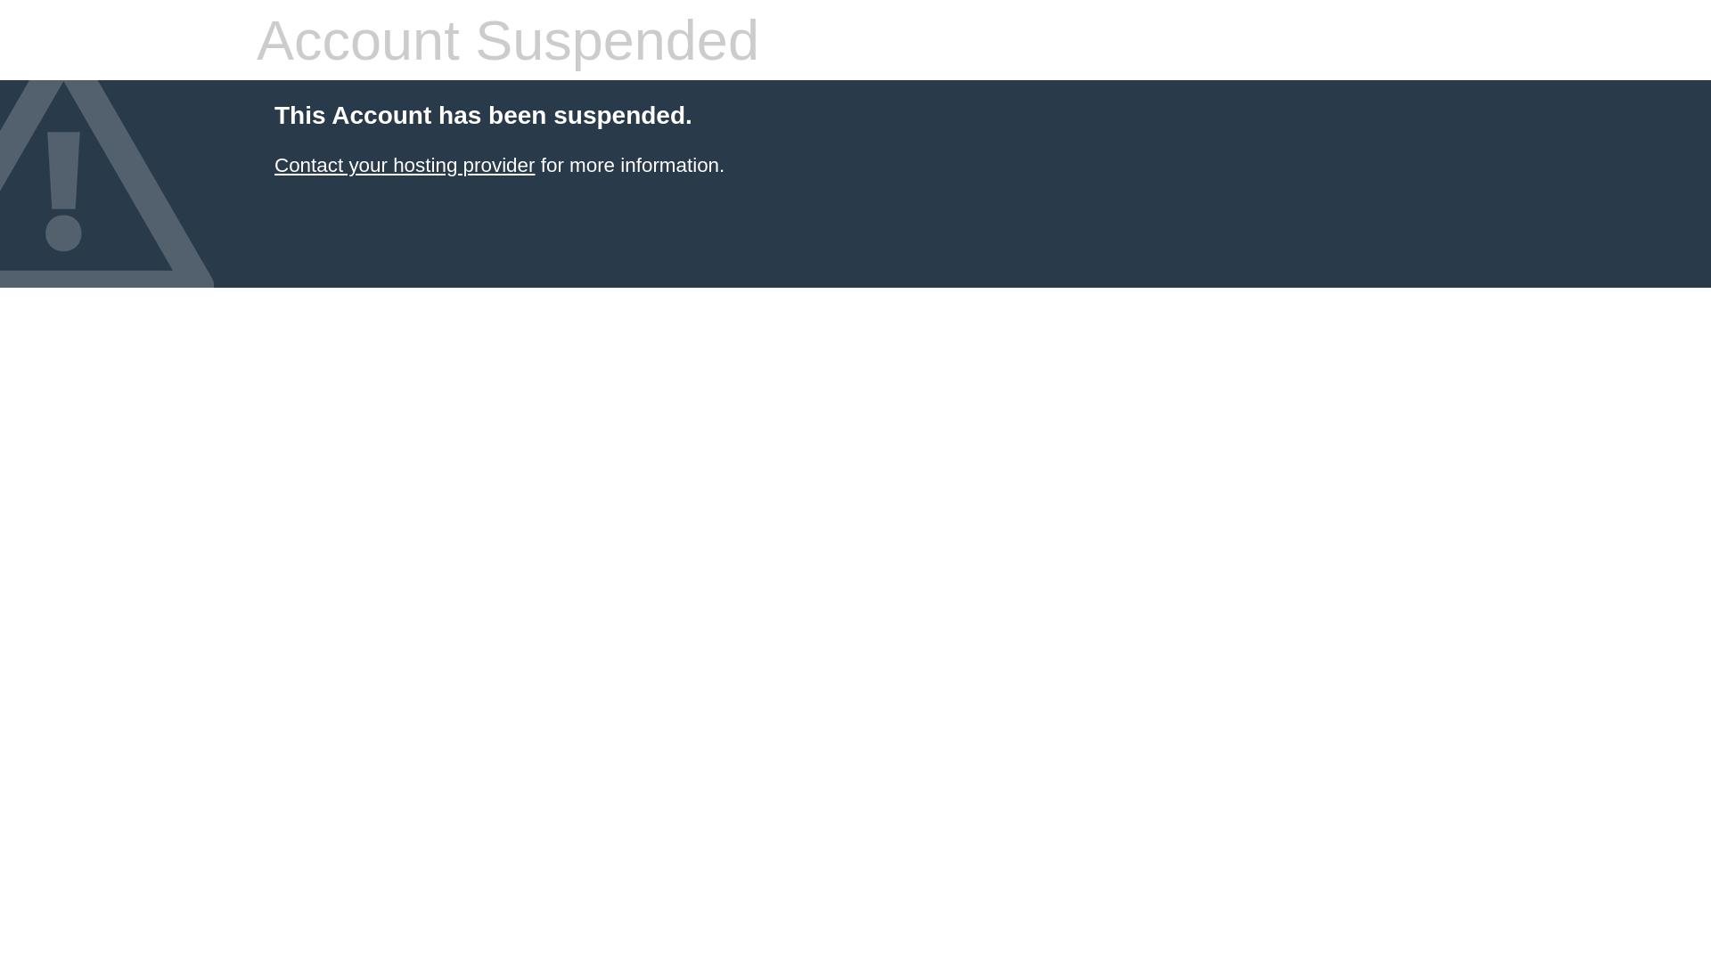 The image size is (1711, 962). Describe the element at coordinates (404, 165) in the screenshot. I see `'Contact your hosting provider'` at that location.